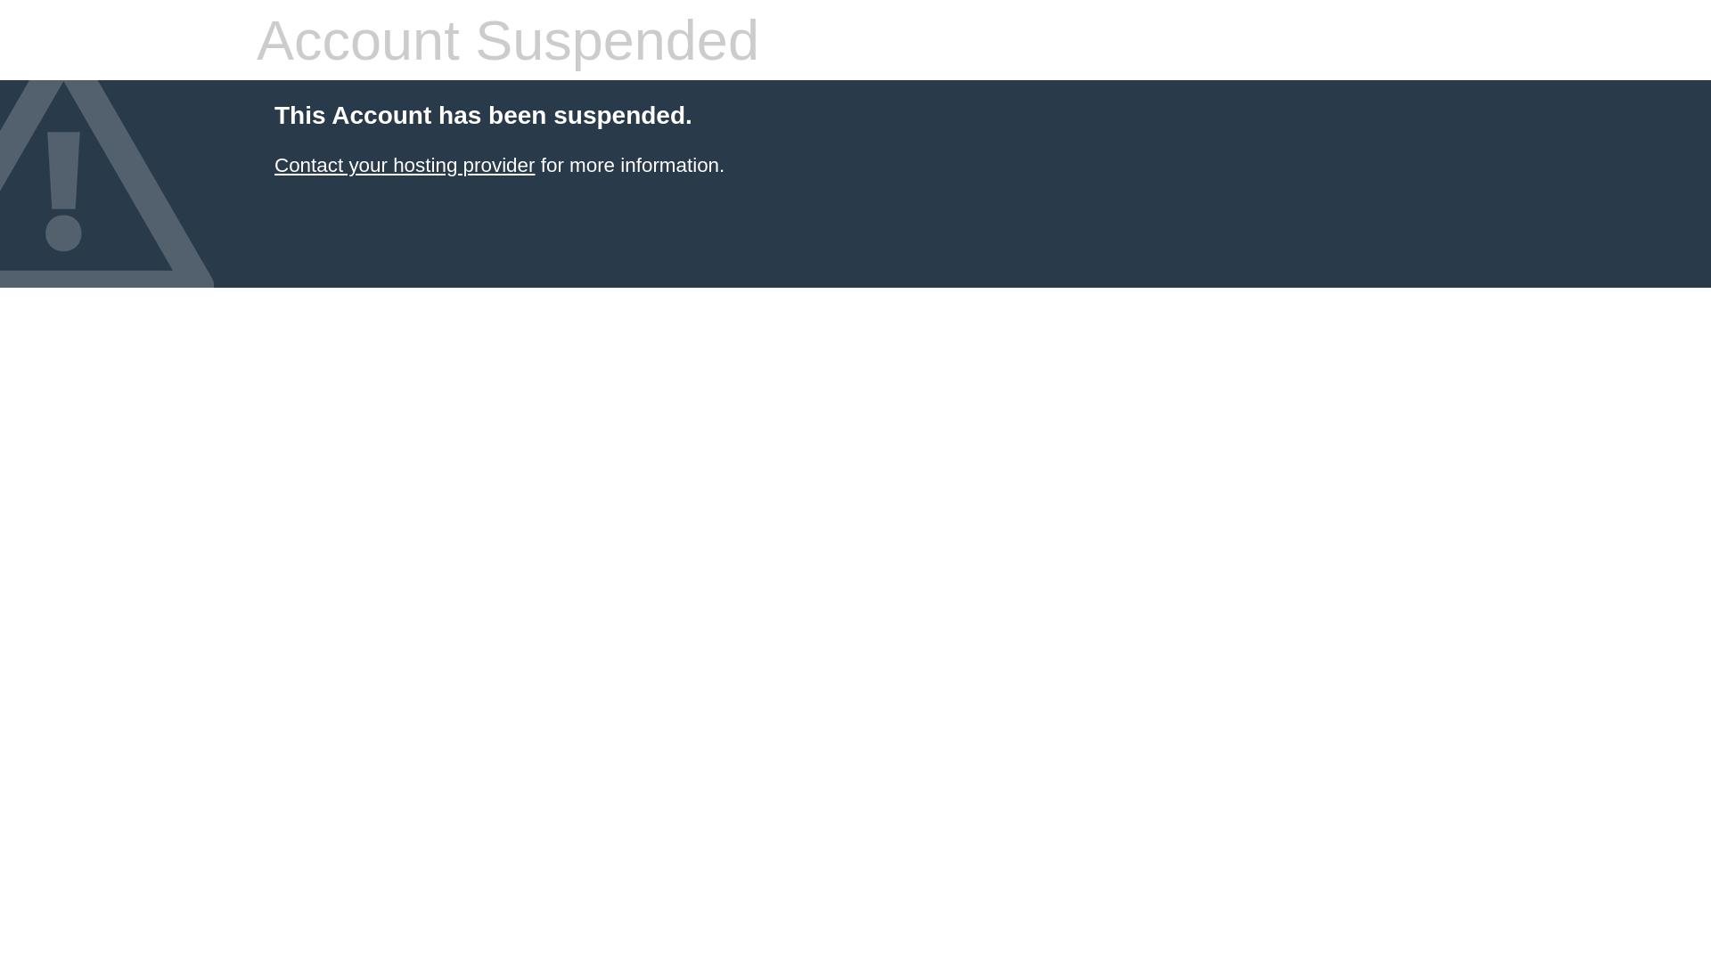 The image size is (1711, 962). Describe the element at coordinates (404, 165) in the screenshot. I see `'Contact your hosting provider'` at that location.